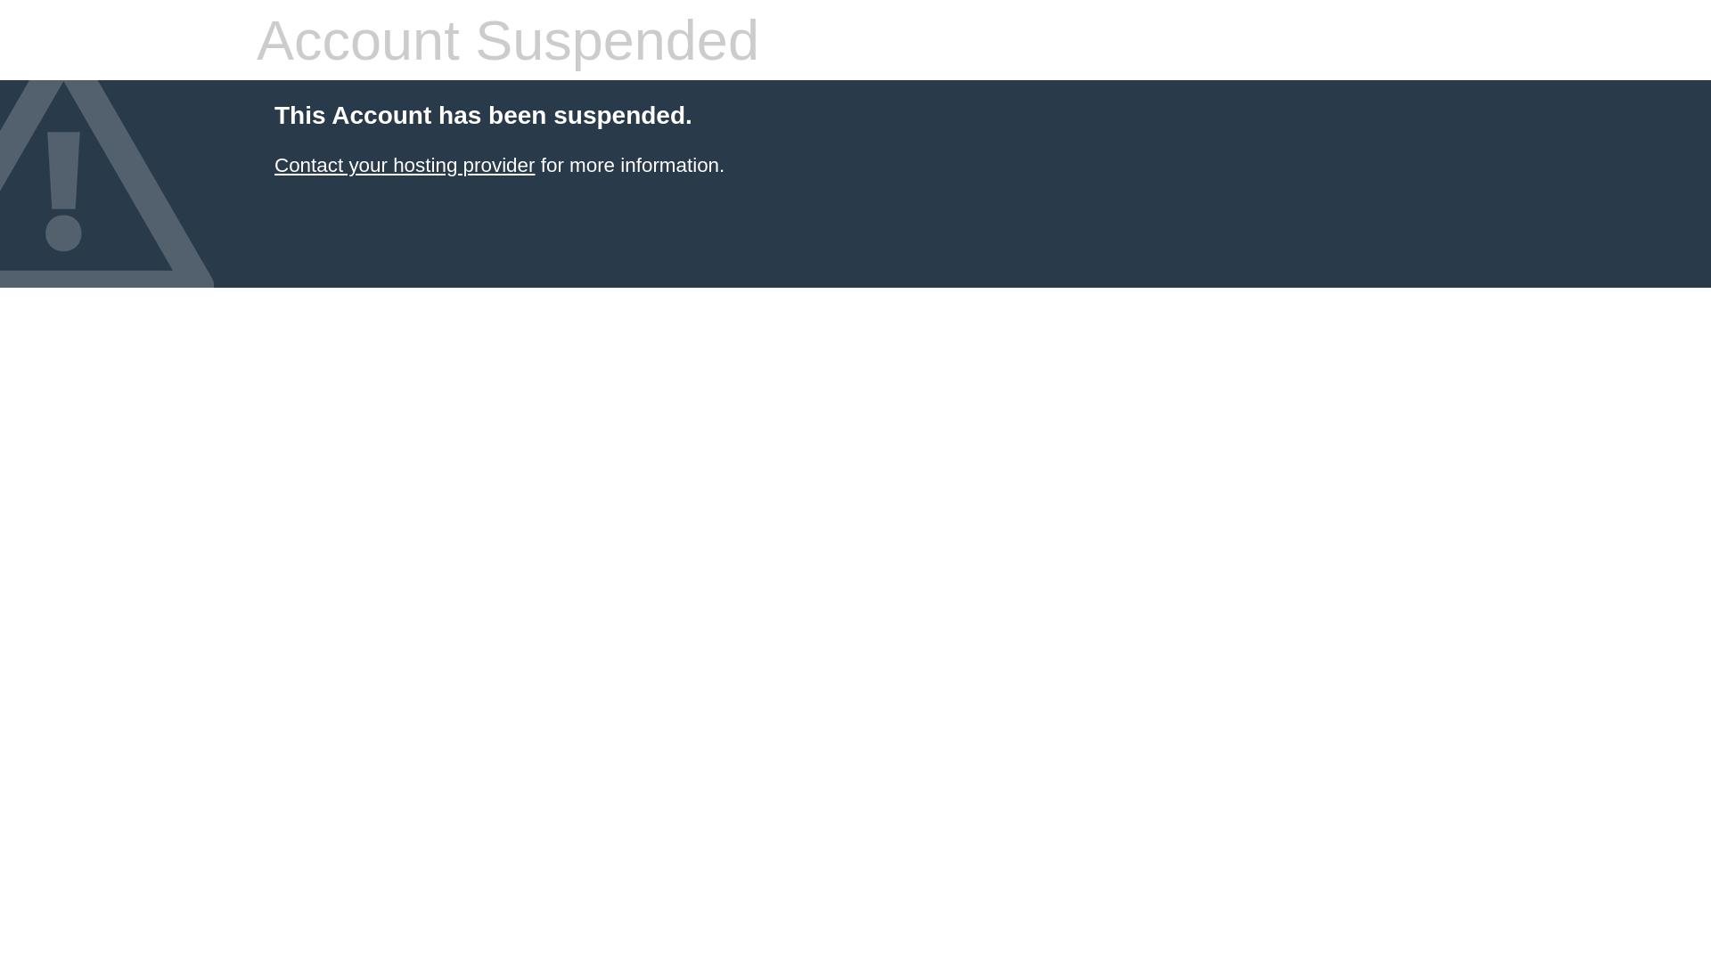 The image size is (1711, 962). Describe the element at coordinates (404, 165) in the screenshot. I see `'Contact your hosting provider'` at that location.